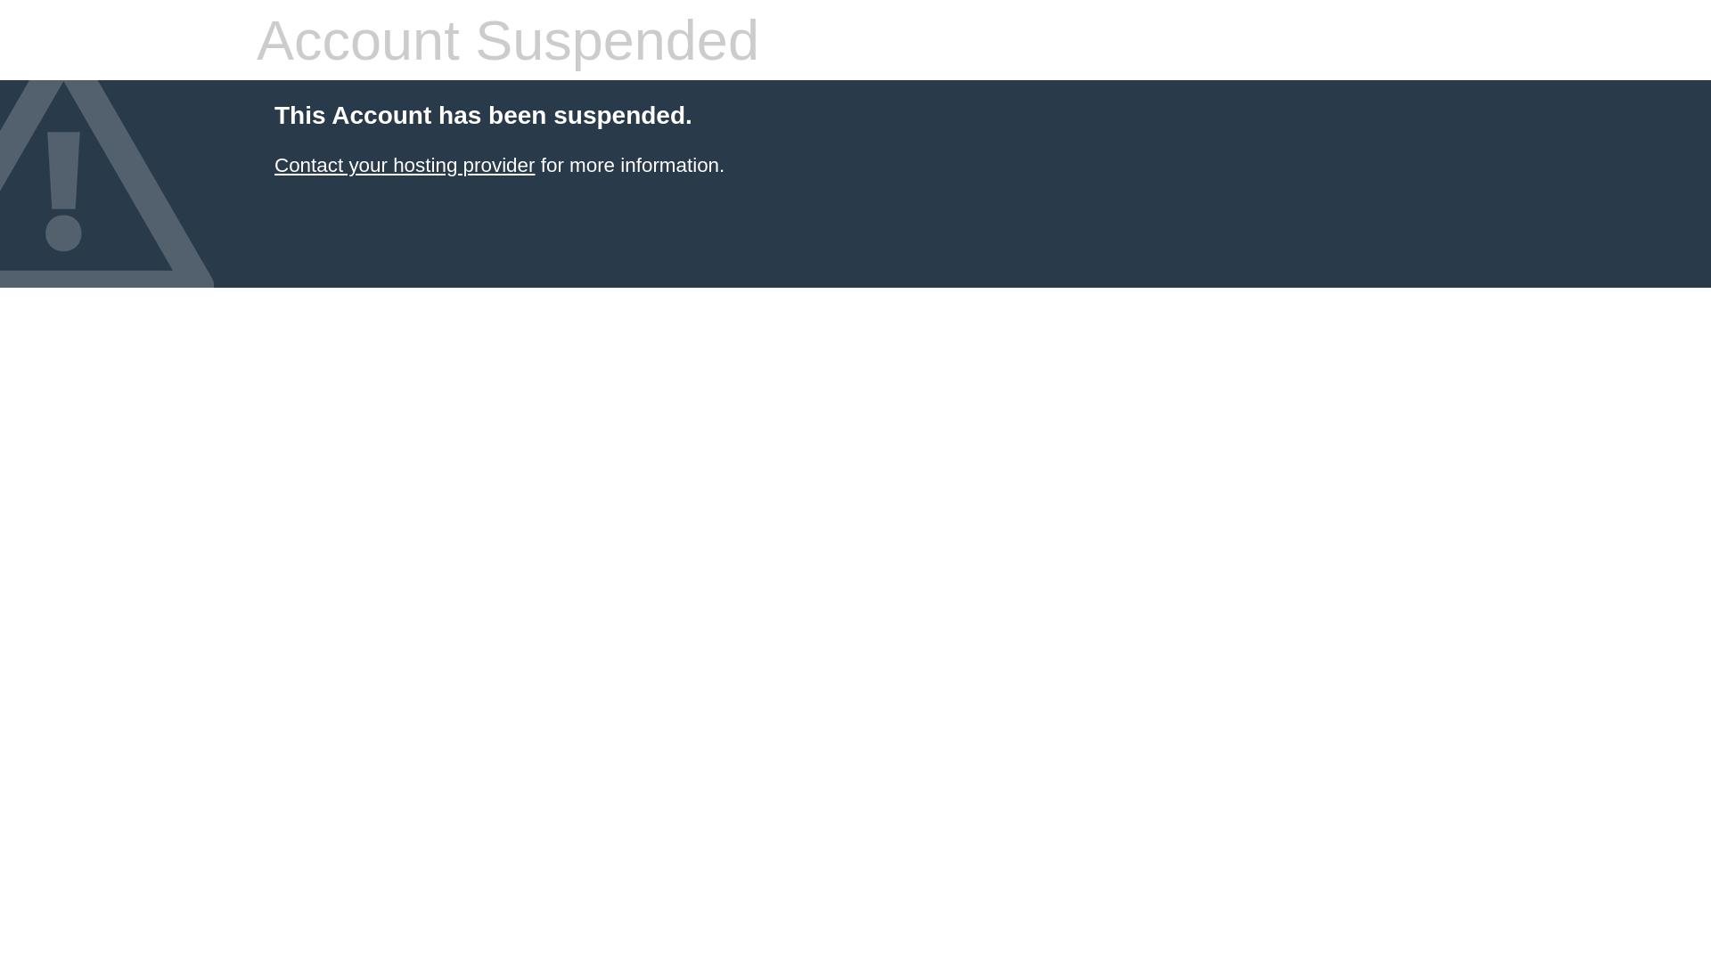 The image size is (1711, 962). Describe the element at coordinates (404, 165) in the screenshot. I see `'Contact your hosting provider'` at that location.